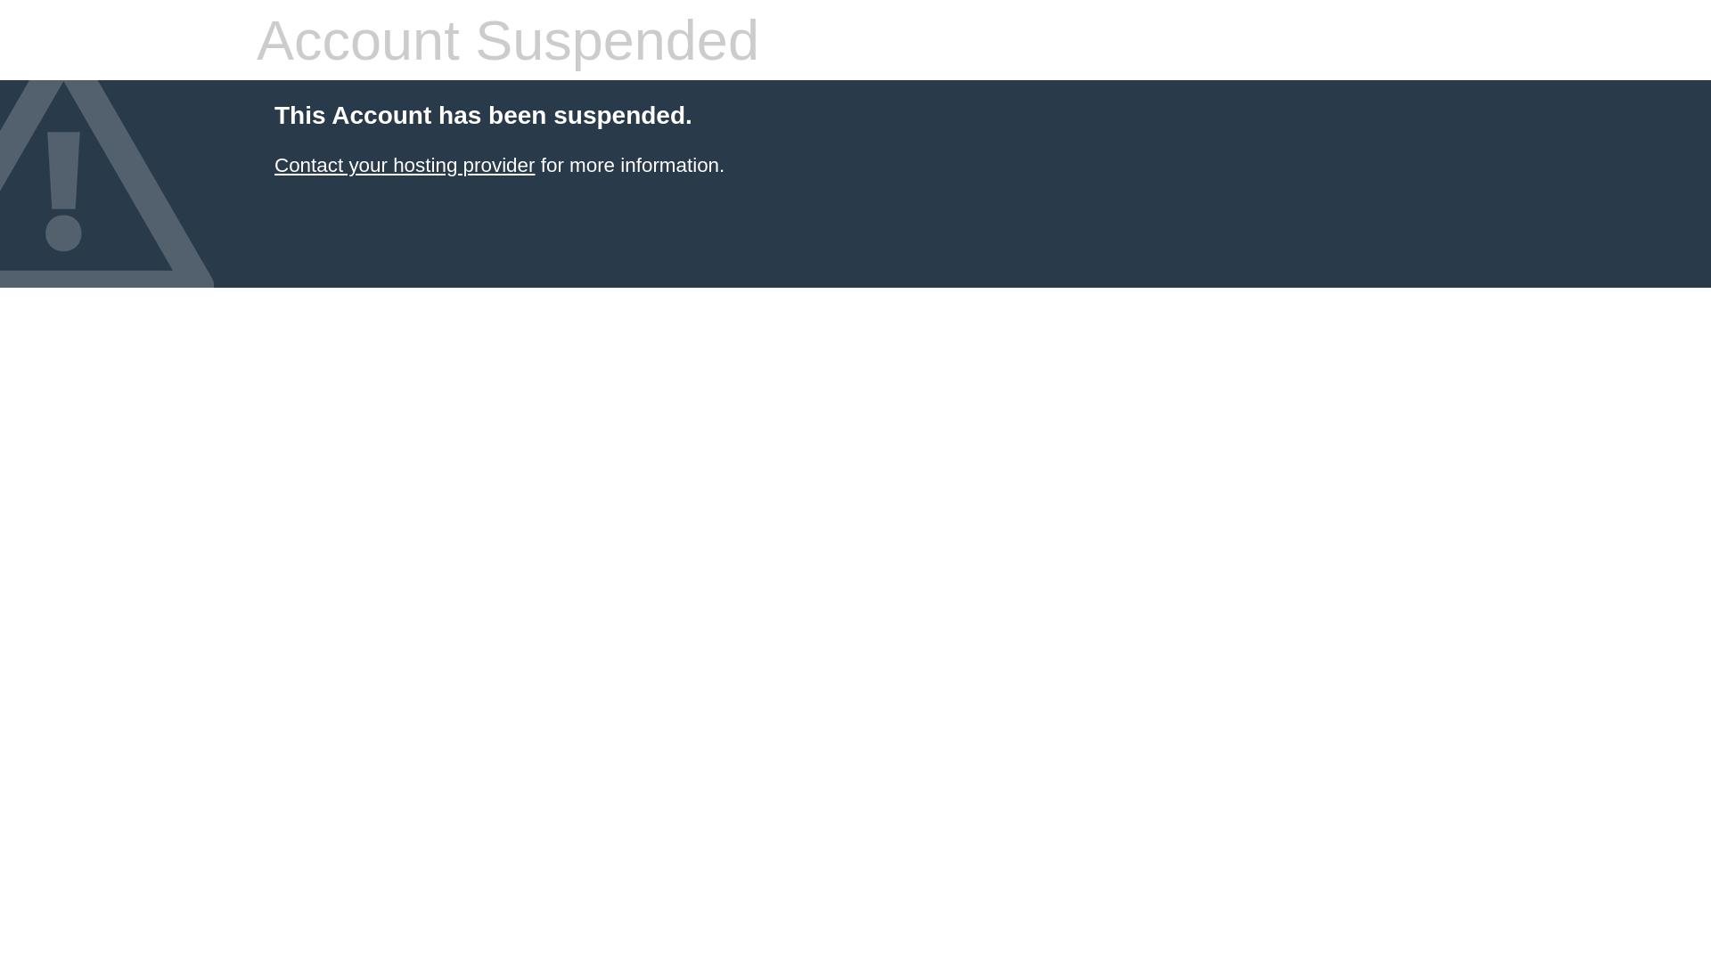 The image size is (1711, 962). Describe the element at coordinates (404, 165) in the screenshot. I see `'Contact your hosting provider'` at that location.